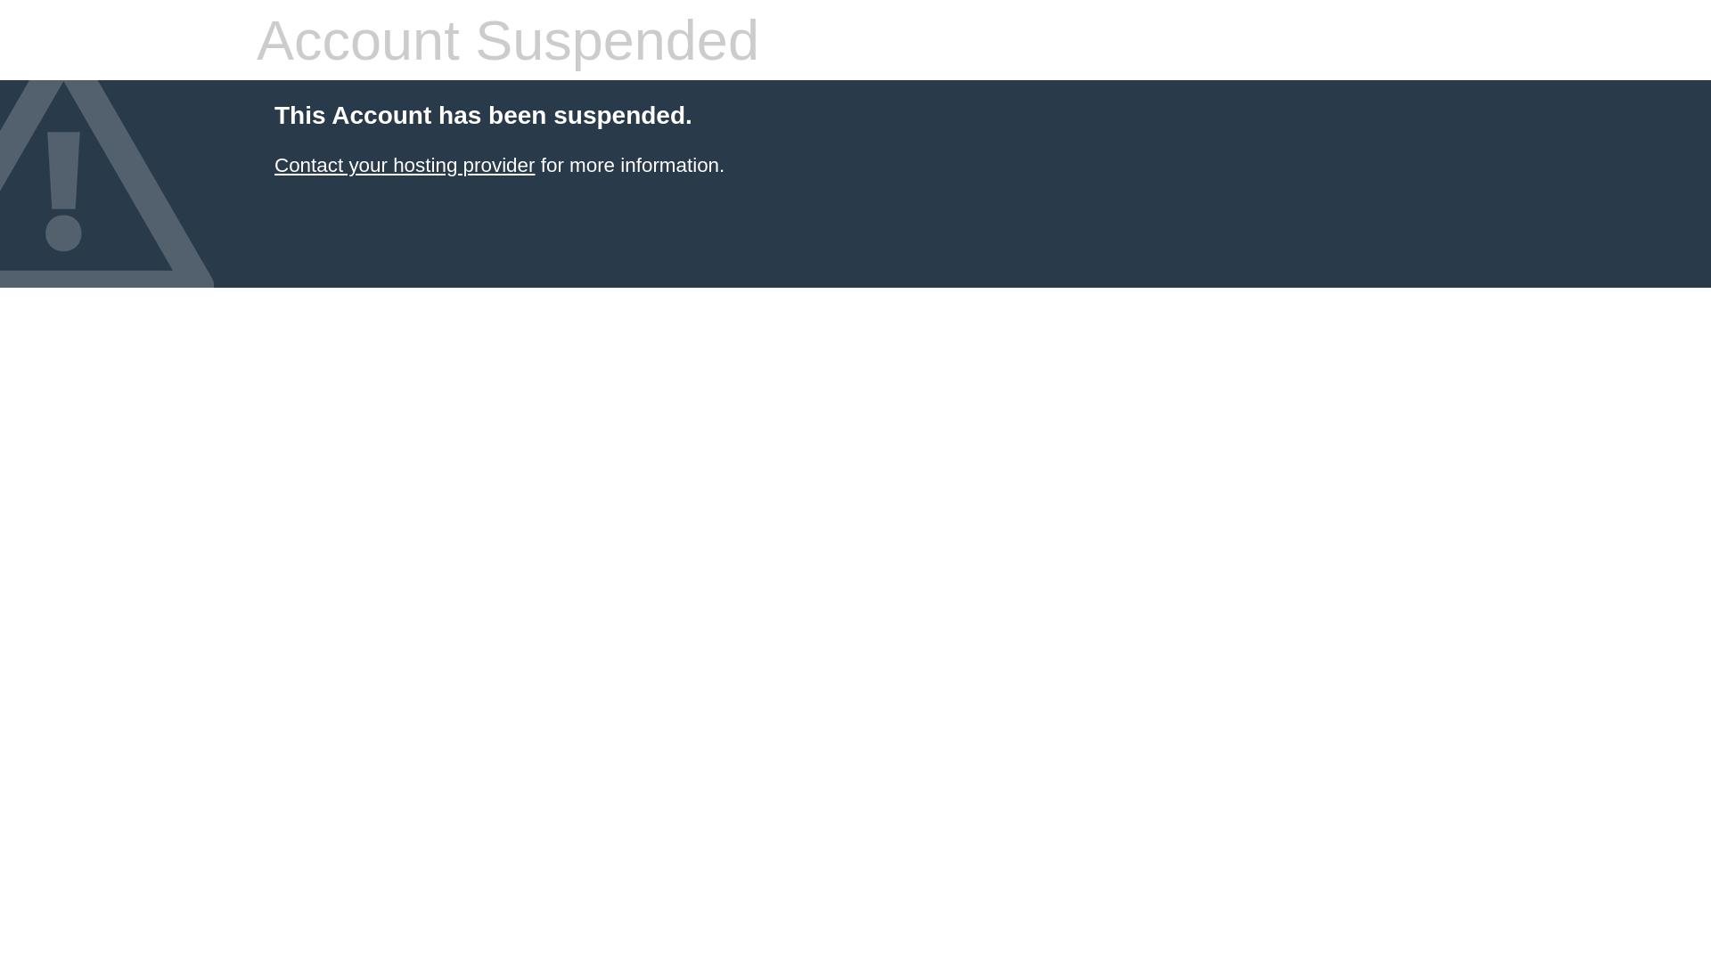 The image size is (1711, 962). Describe the element at coordinates (404, 165) in the screenshot. I see `'Contact your hosting provider'` at that location.